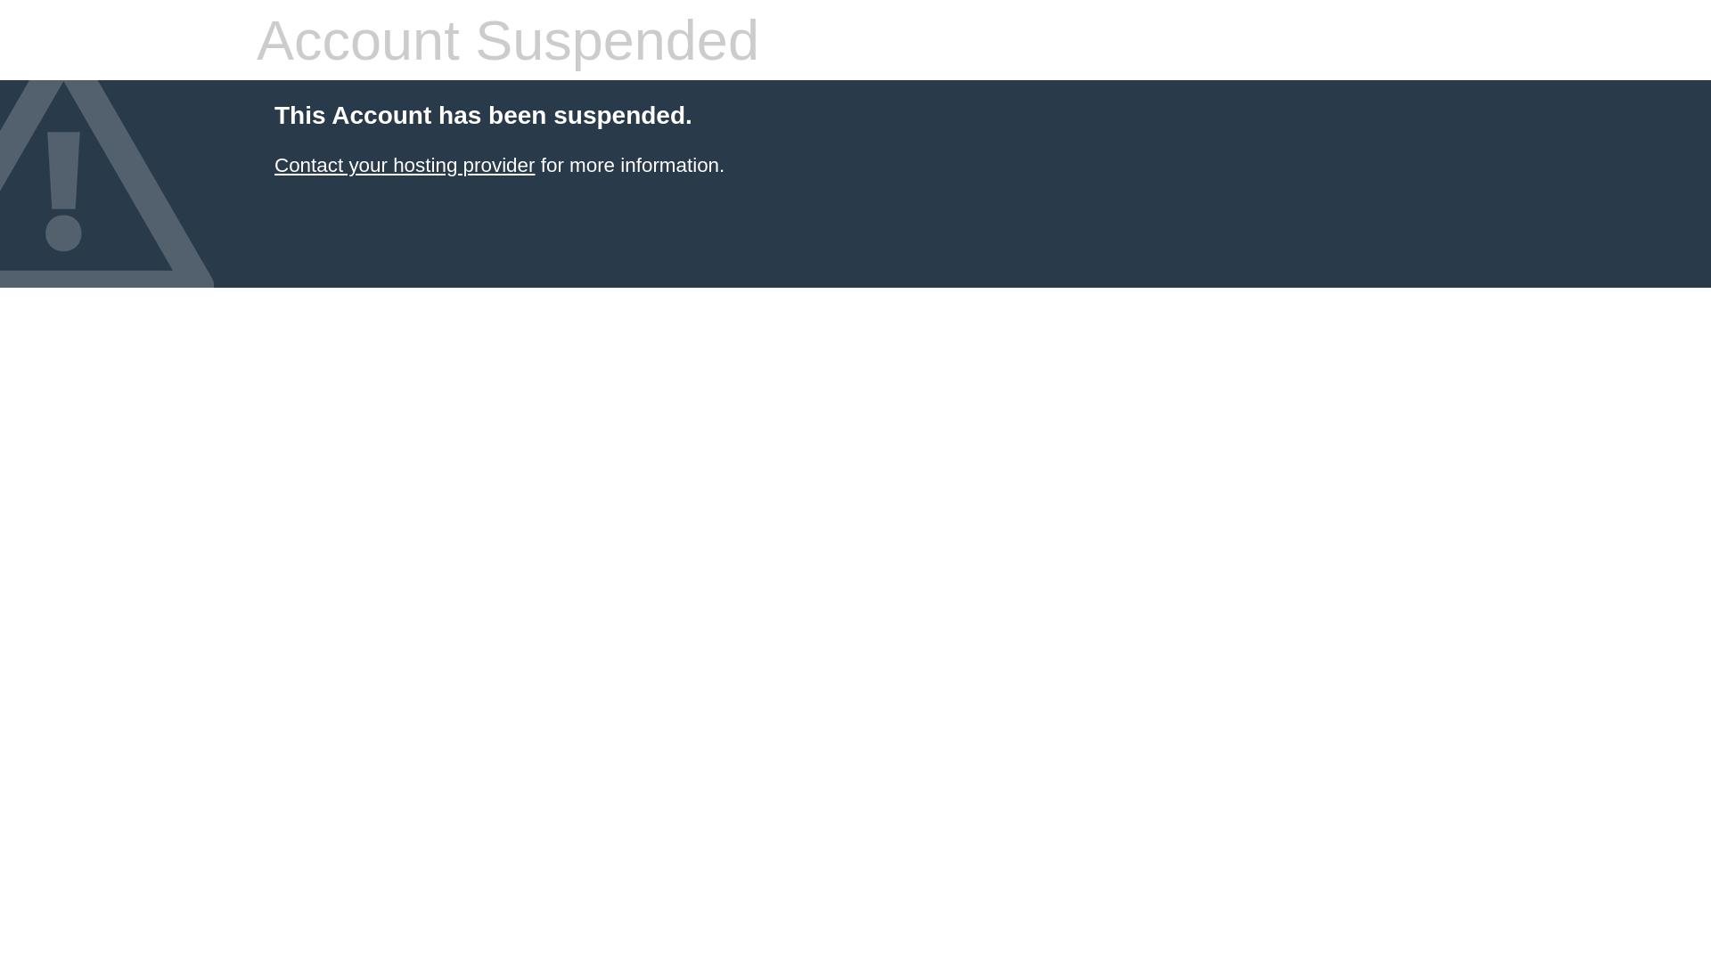 The image size is (1711, 962). Describe the element at coordinates (404, 165) in the screenshot. I see `'Contact your hosting provider'` at that location.